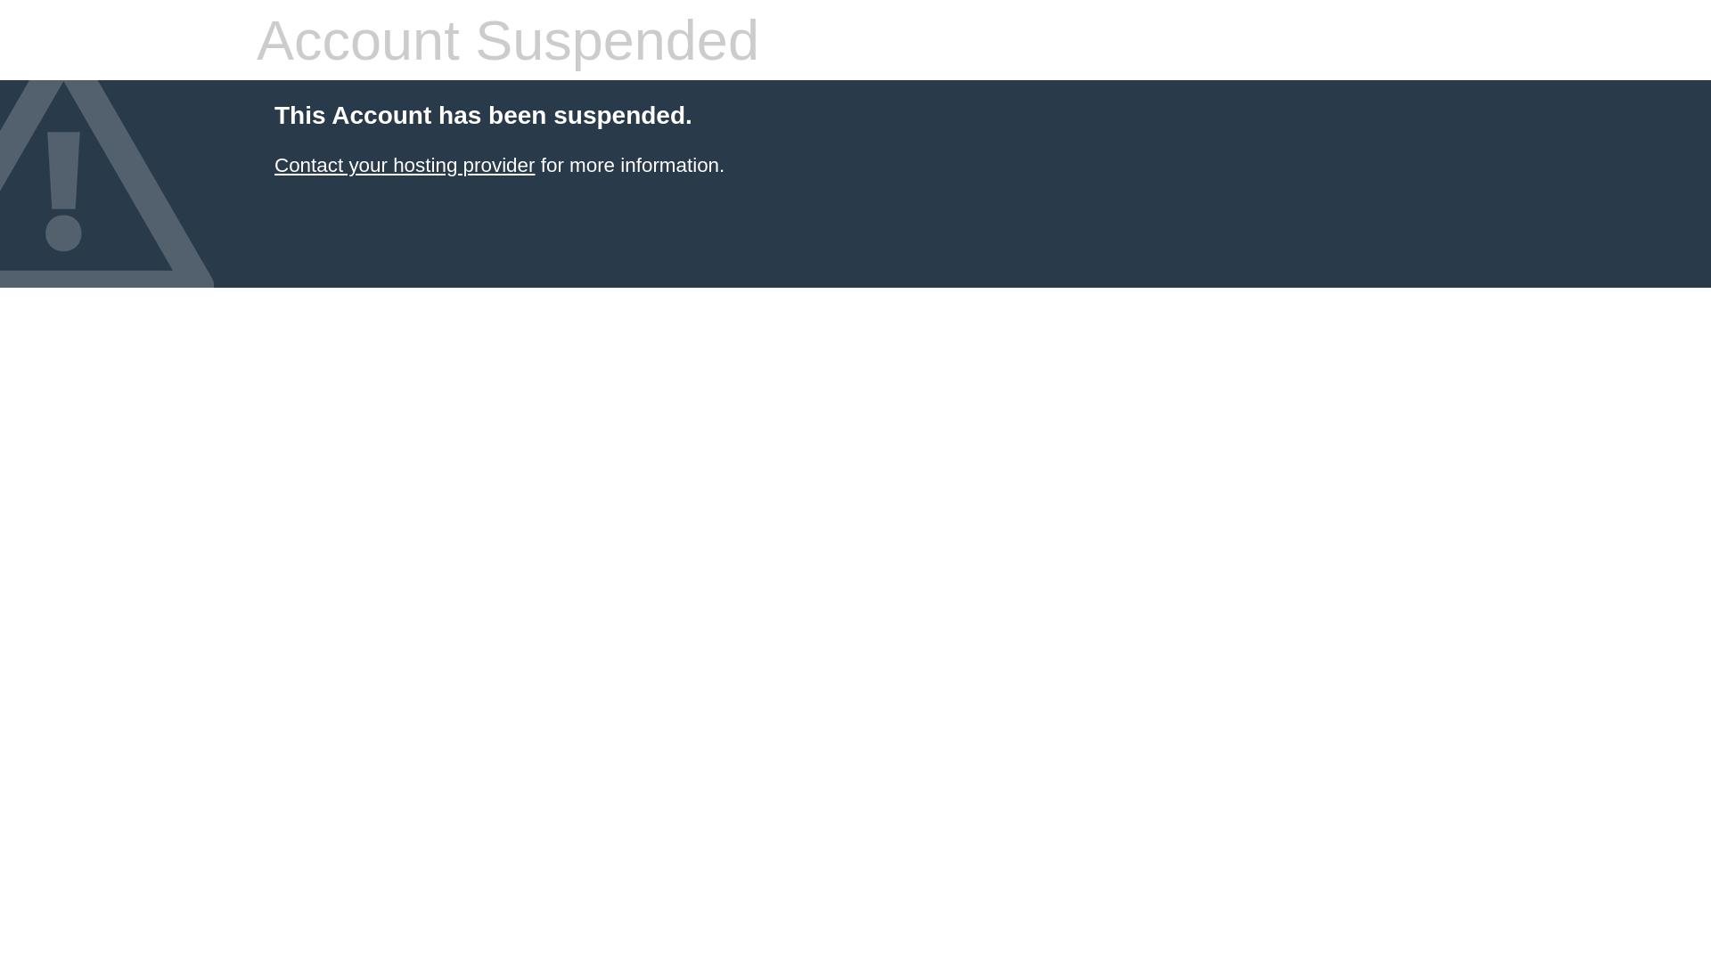 The image size is (1711, 962). Describe the element at coordinates (404, 165) in the screenshot. I see `'Contact your hosting provider'` at that location.